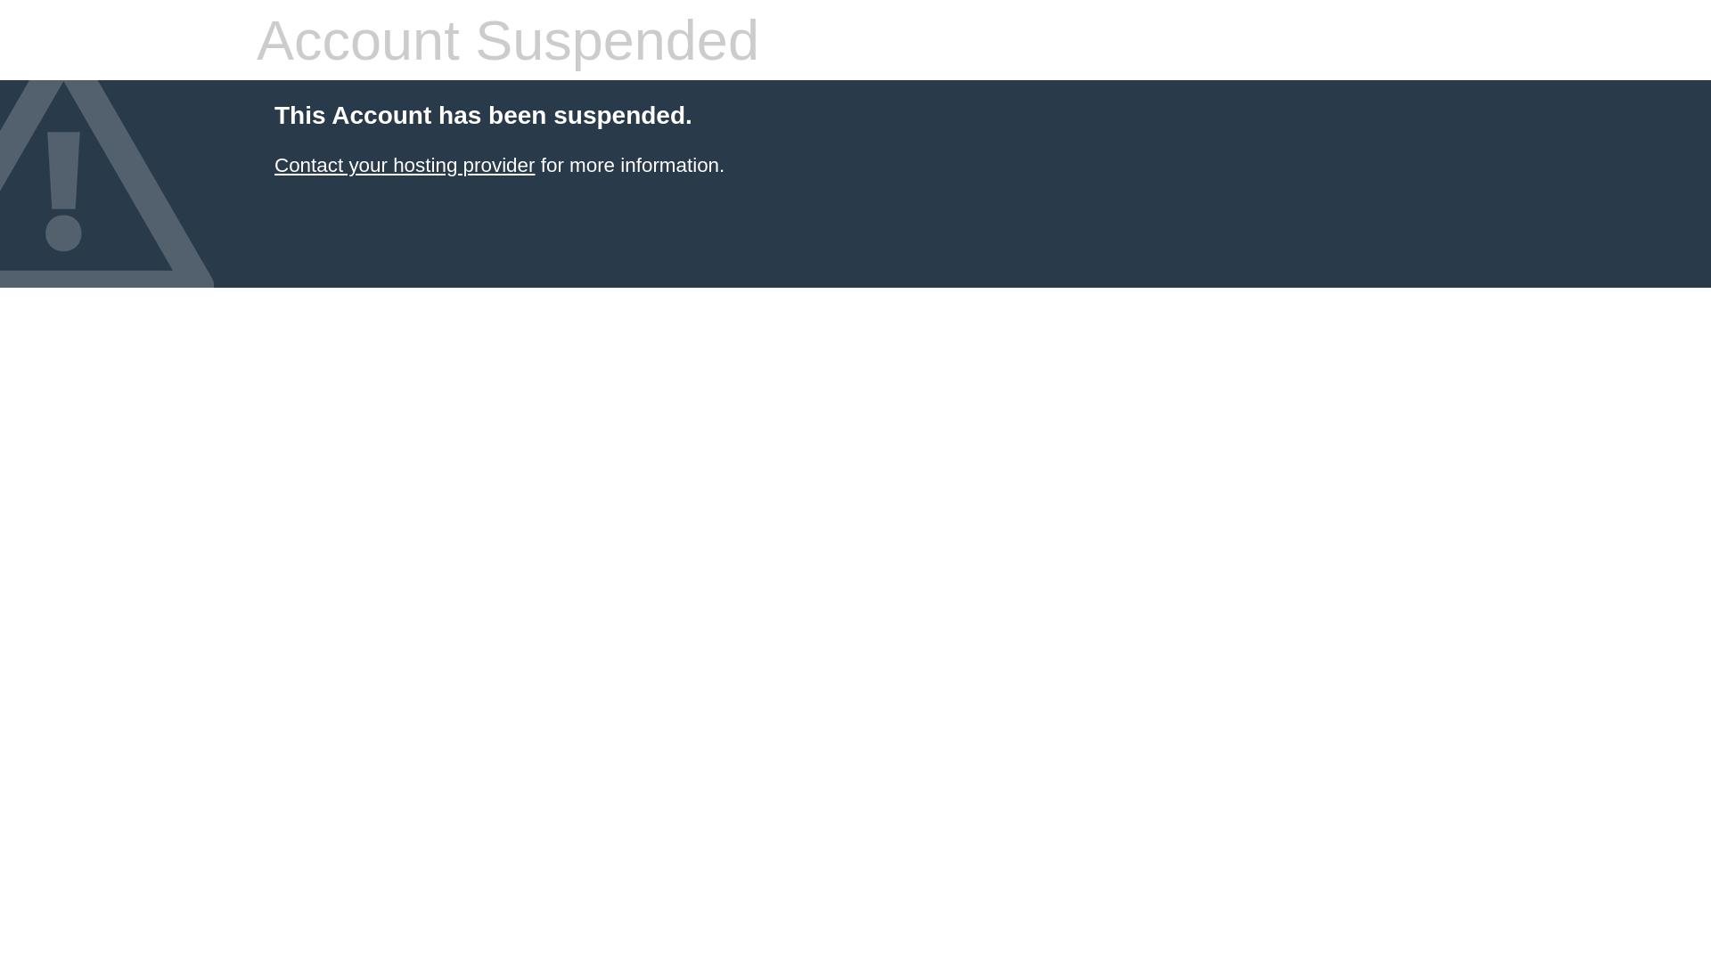 The image size is (1711, 962). Describe the element at coordinates (404, 165) in the screenshot. I see `'Contact your hosting provider'` at that location.